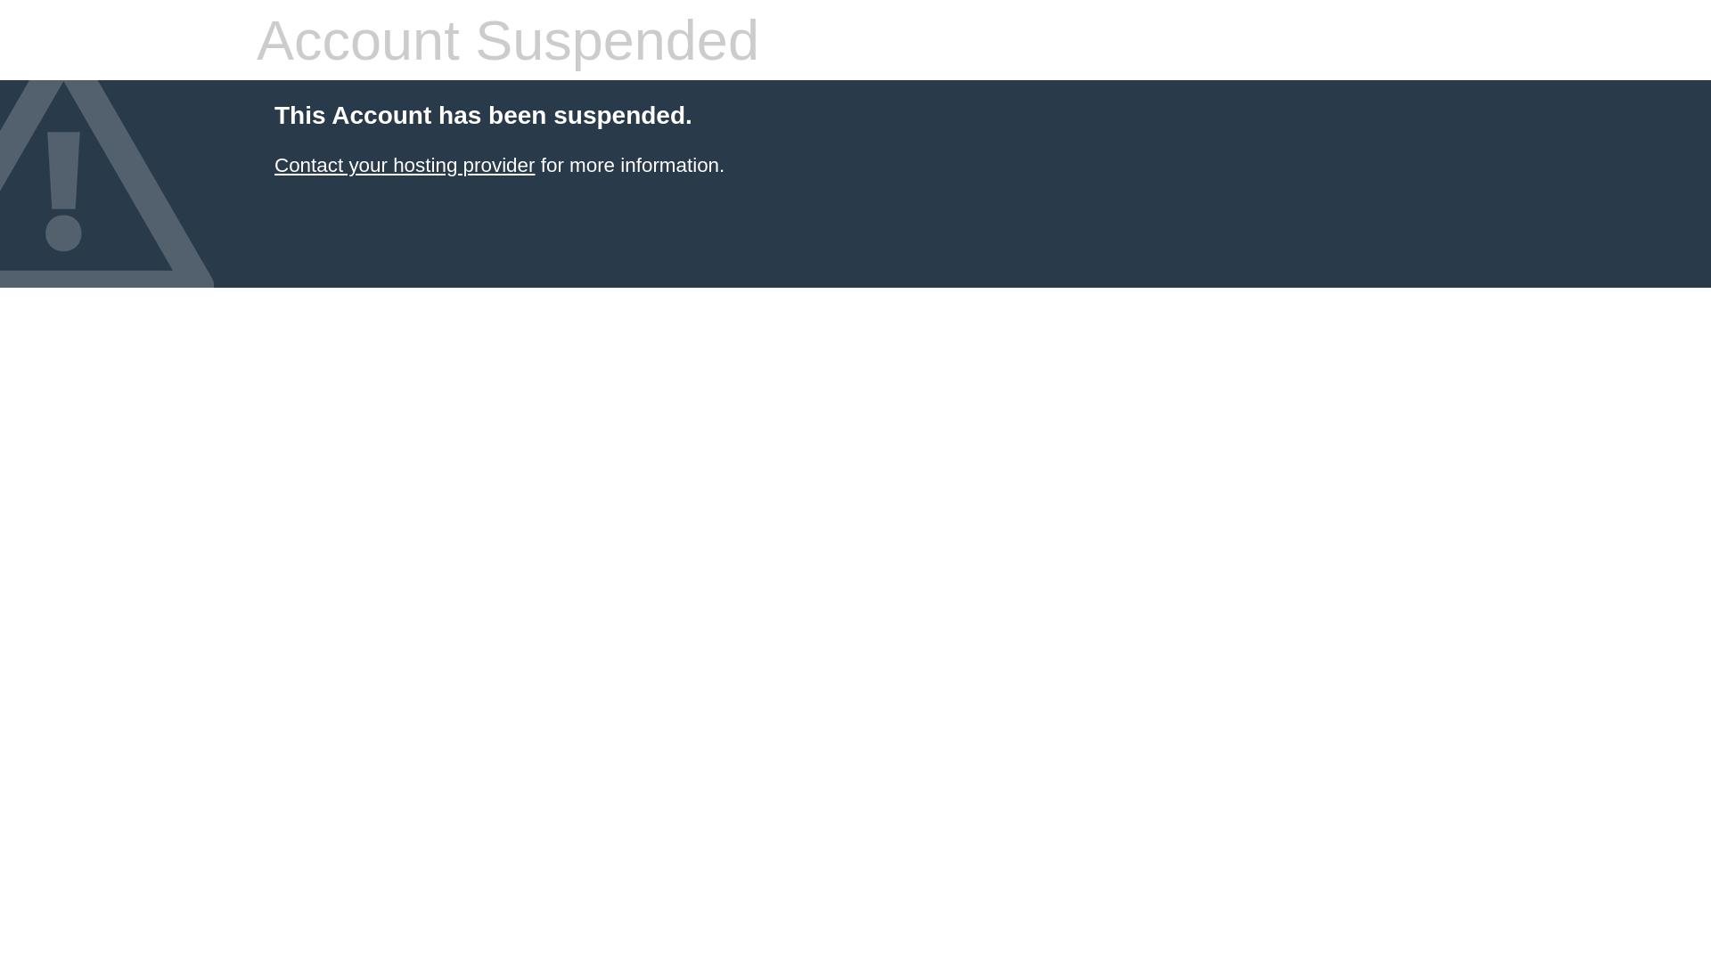 The image size is (1711, 962). Describe the element at coordinates (404, 165) in the screenshot. I see `'Contact your hosting provider'` at that location.